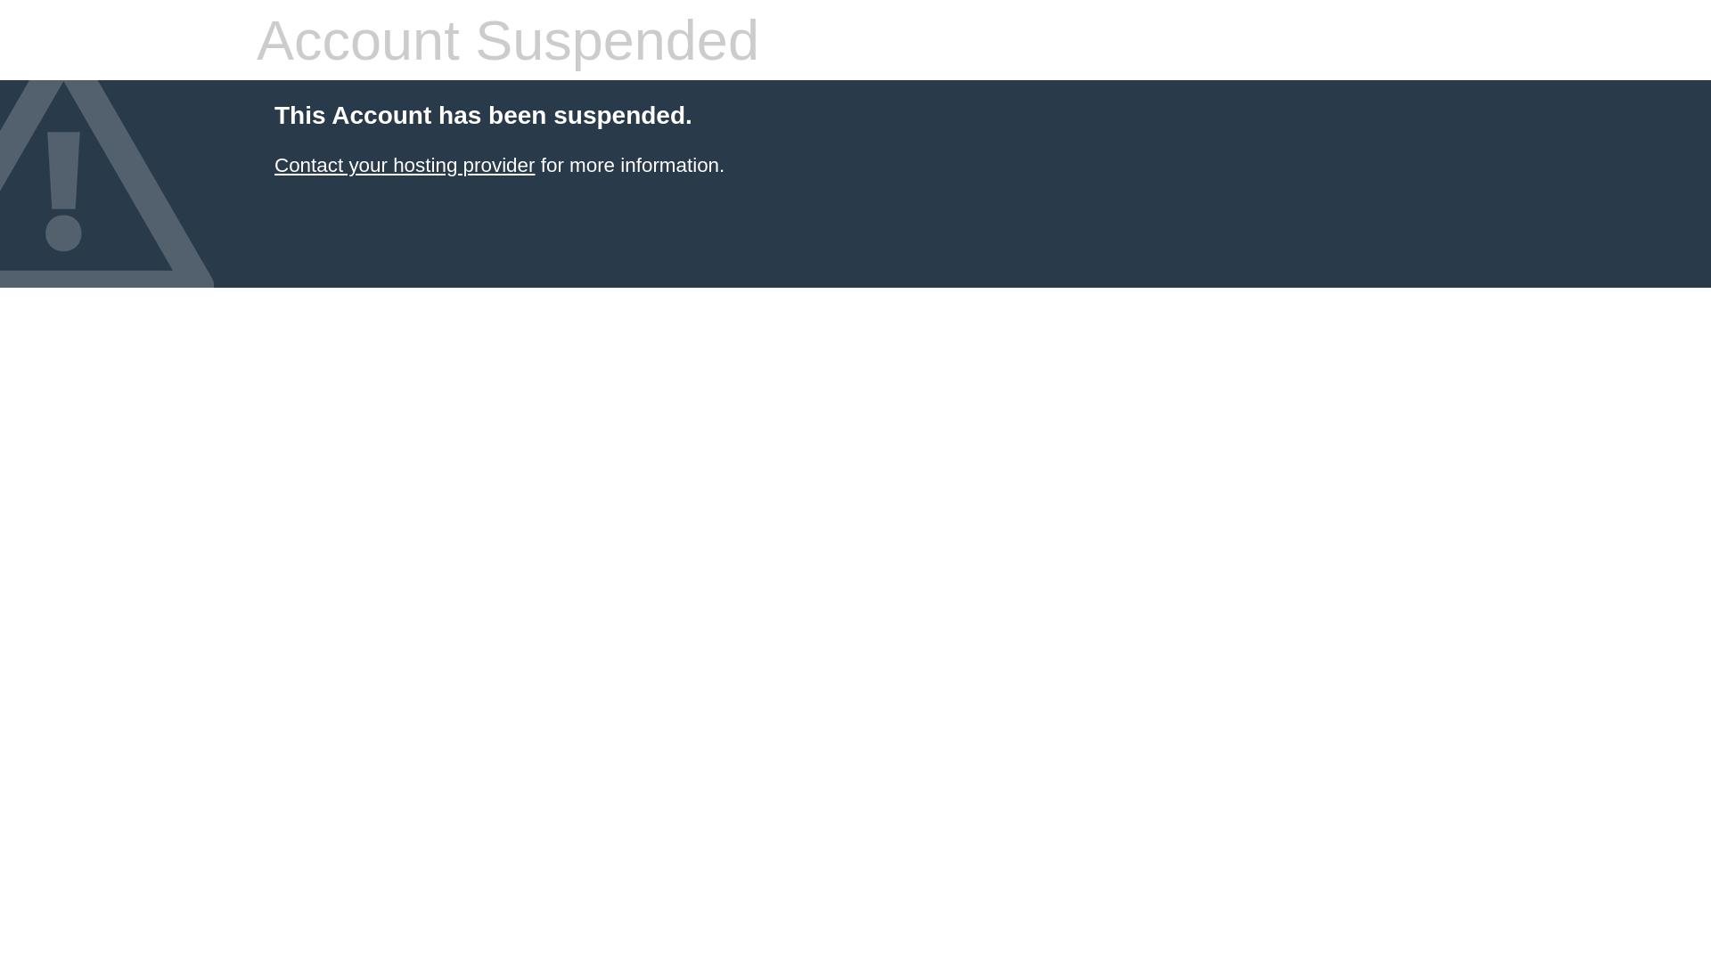 The image size is (1711, 962). Describe the element at coordinates (404, 165) in the screenshot. I see `'Contact your hosting provider'` at that location.